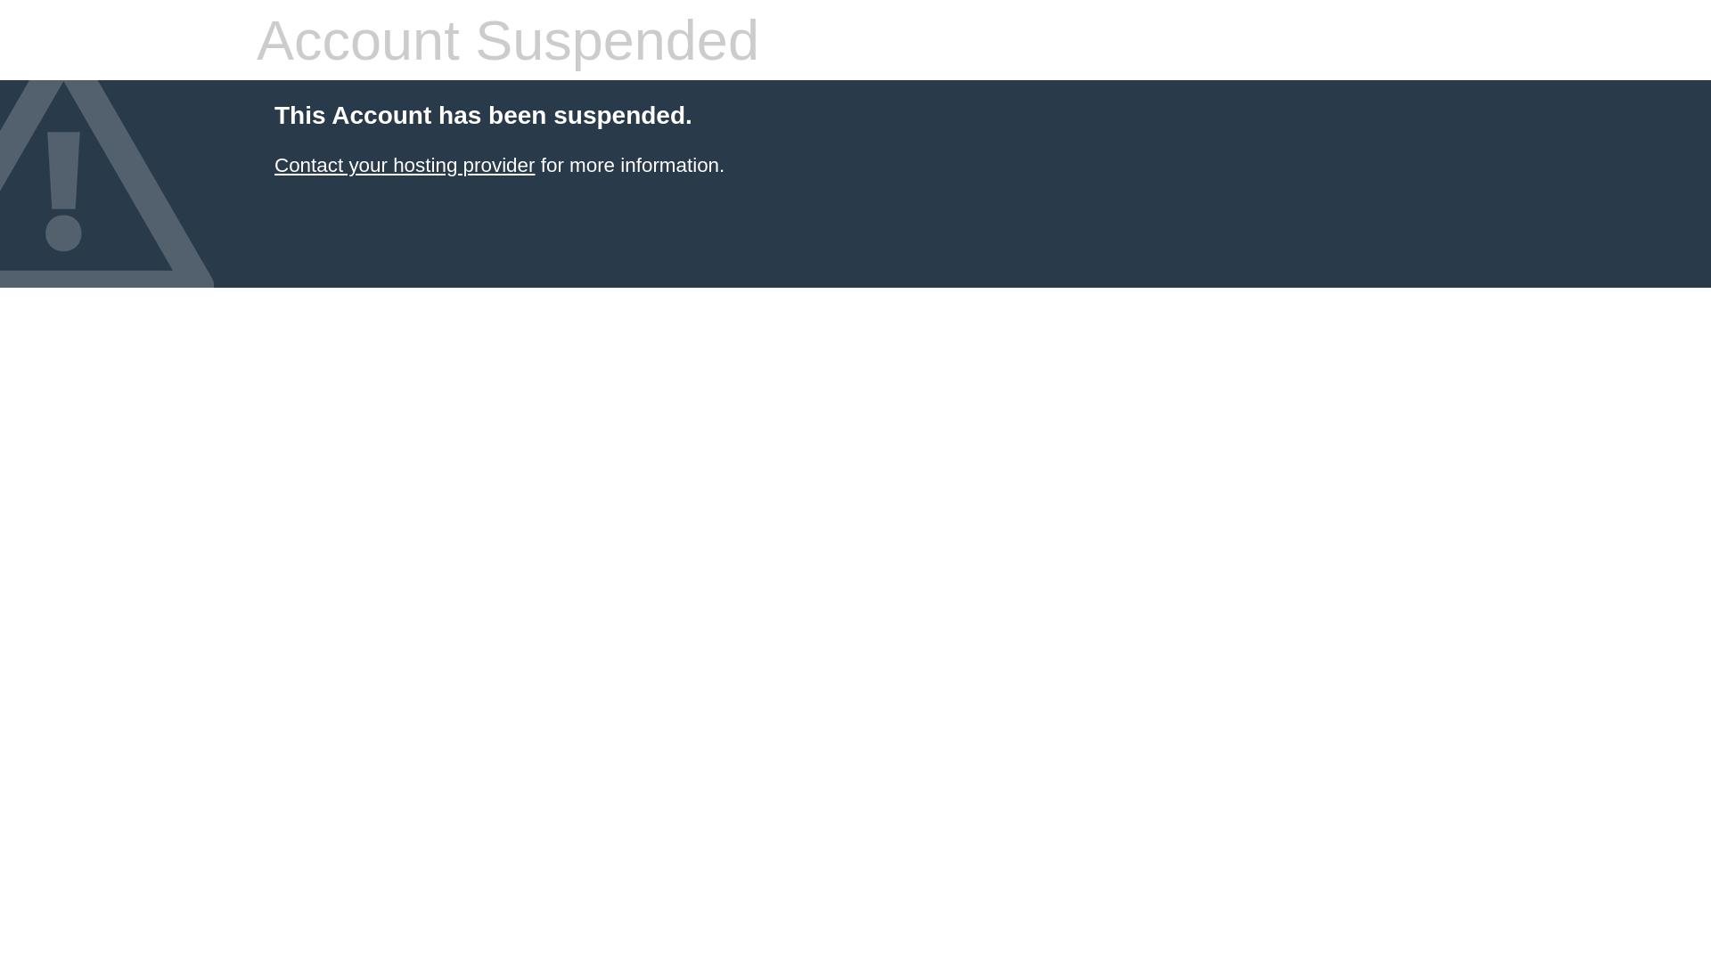 The image size is (1711, 962). Describe the element at coordinates (404, 165) in the screenshot. I see `'Contact your hosting provider'` at that location.